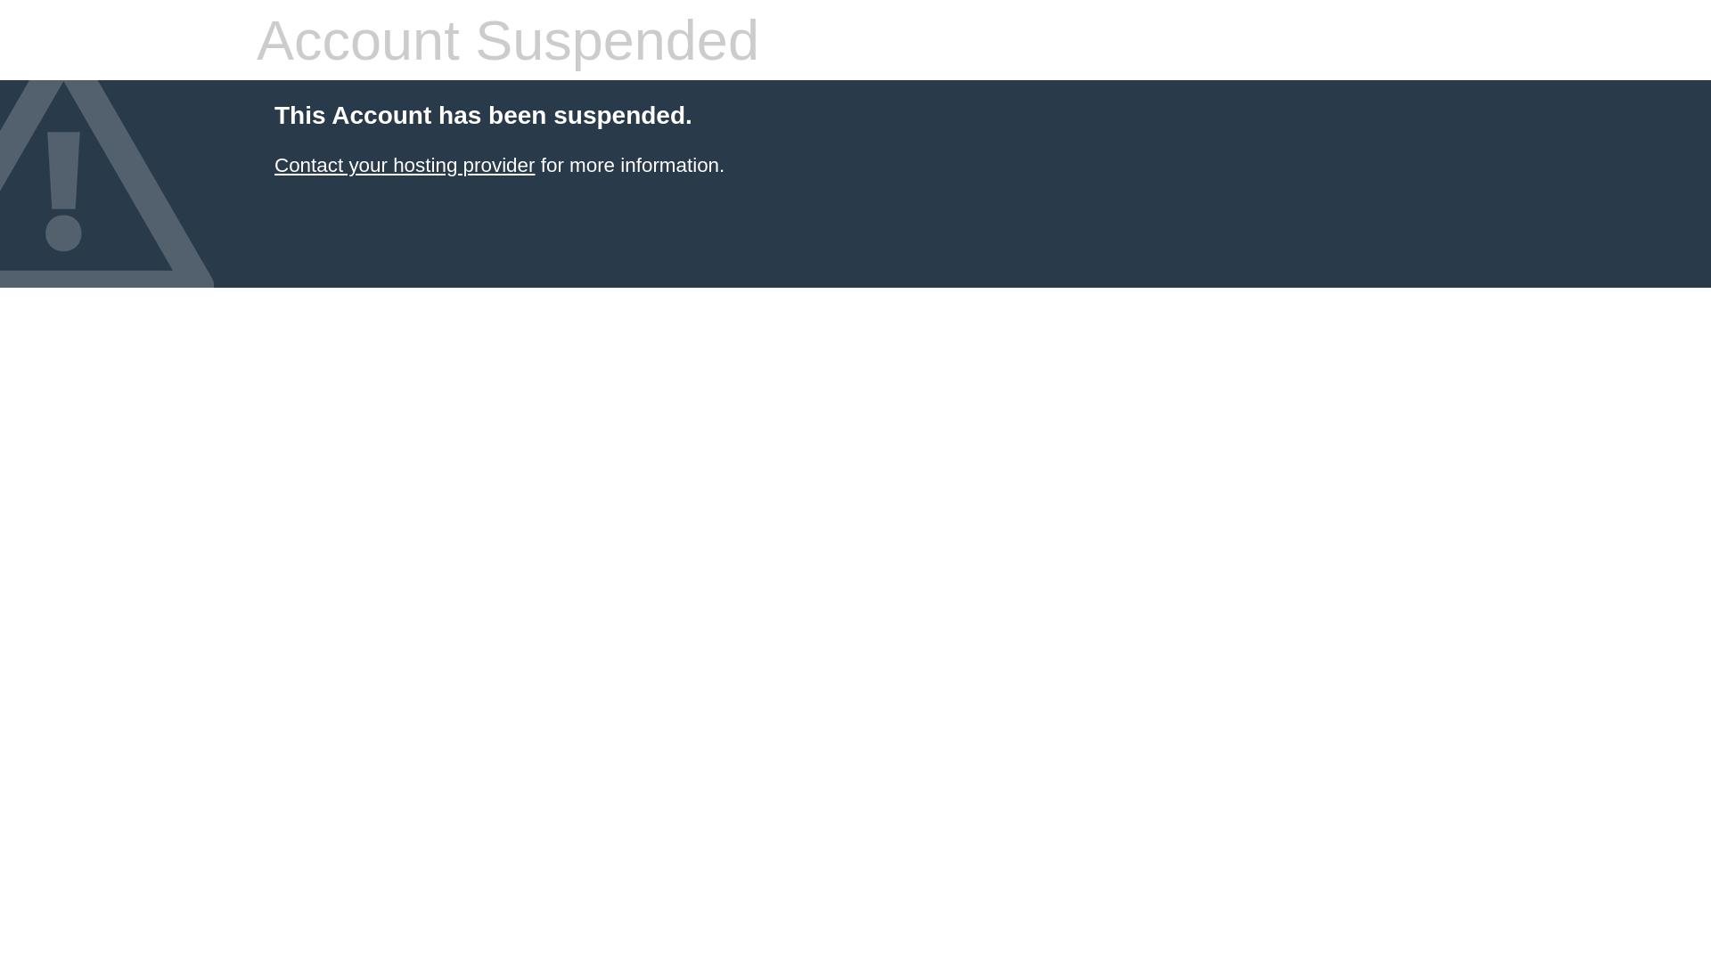 The image size is (1711, 962). Describe the element at coordinates (404, 165) in the screenshot. I see `'Contact your hosting provider'` at that location.